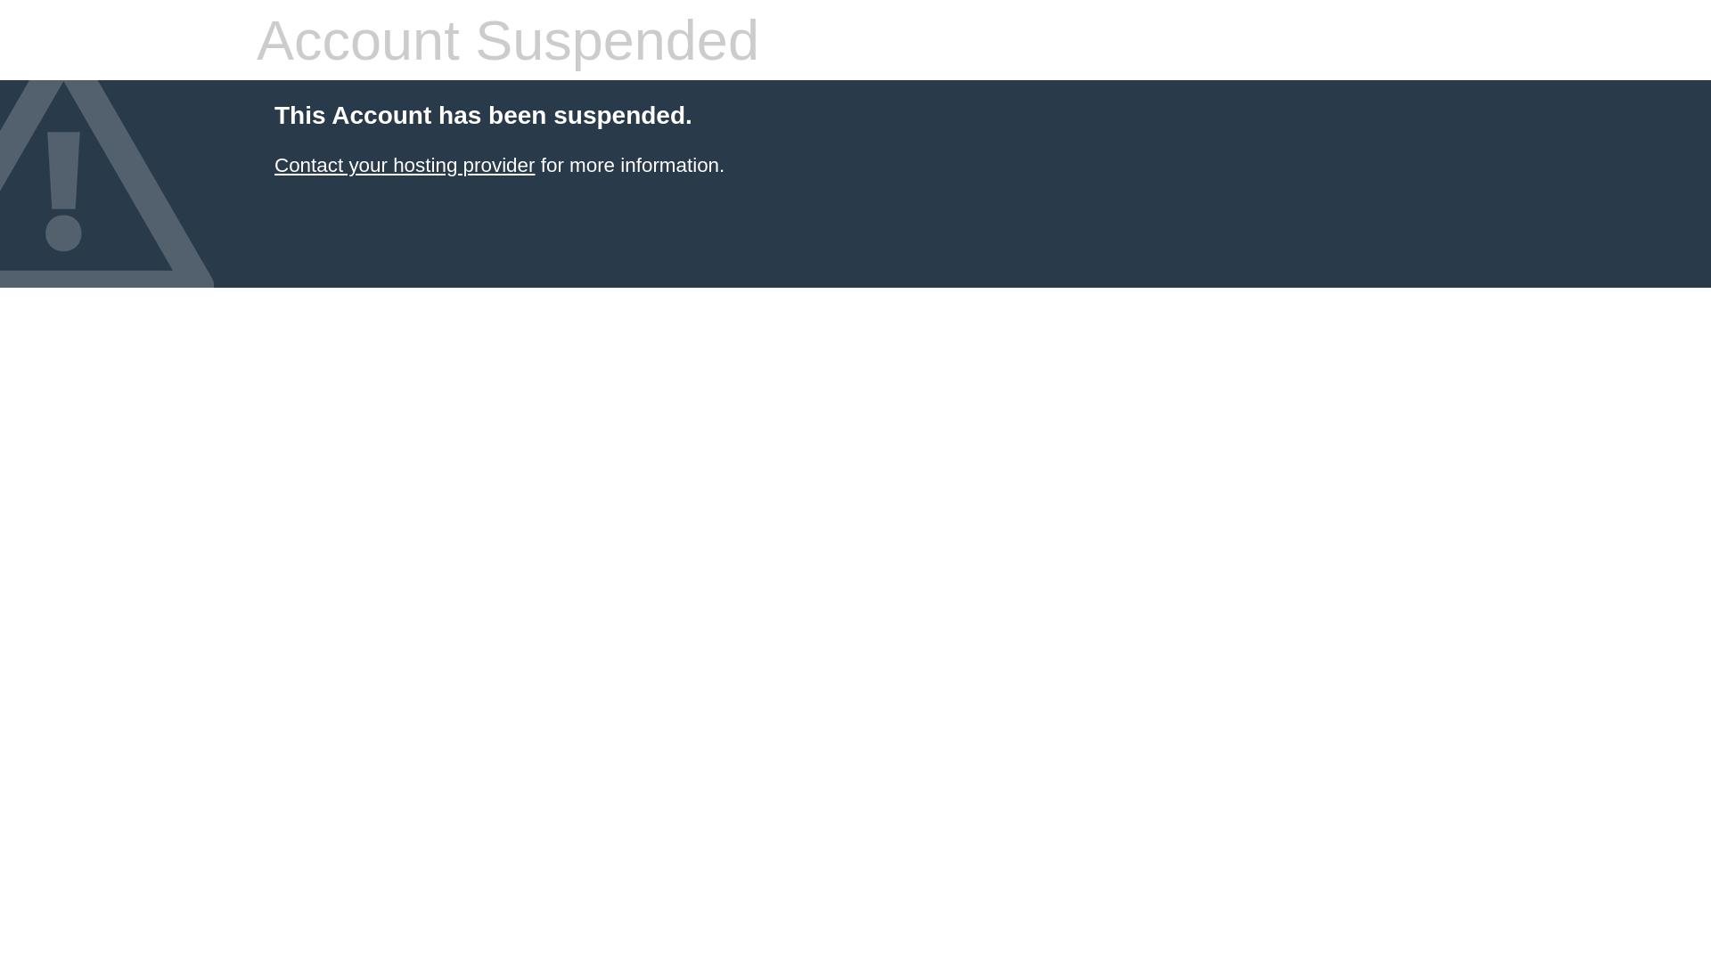 The image size is (1711, 962). Describe the element at coordinates (404, 165) in the screenshot. I see `'Contact your hosting provider'` at that location.